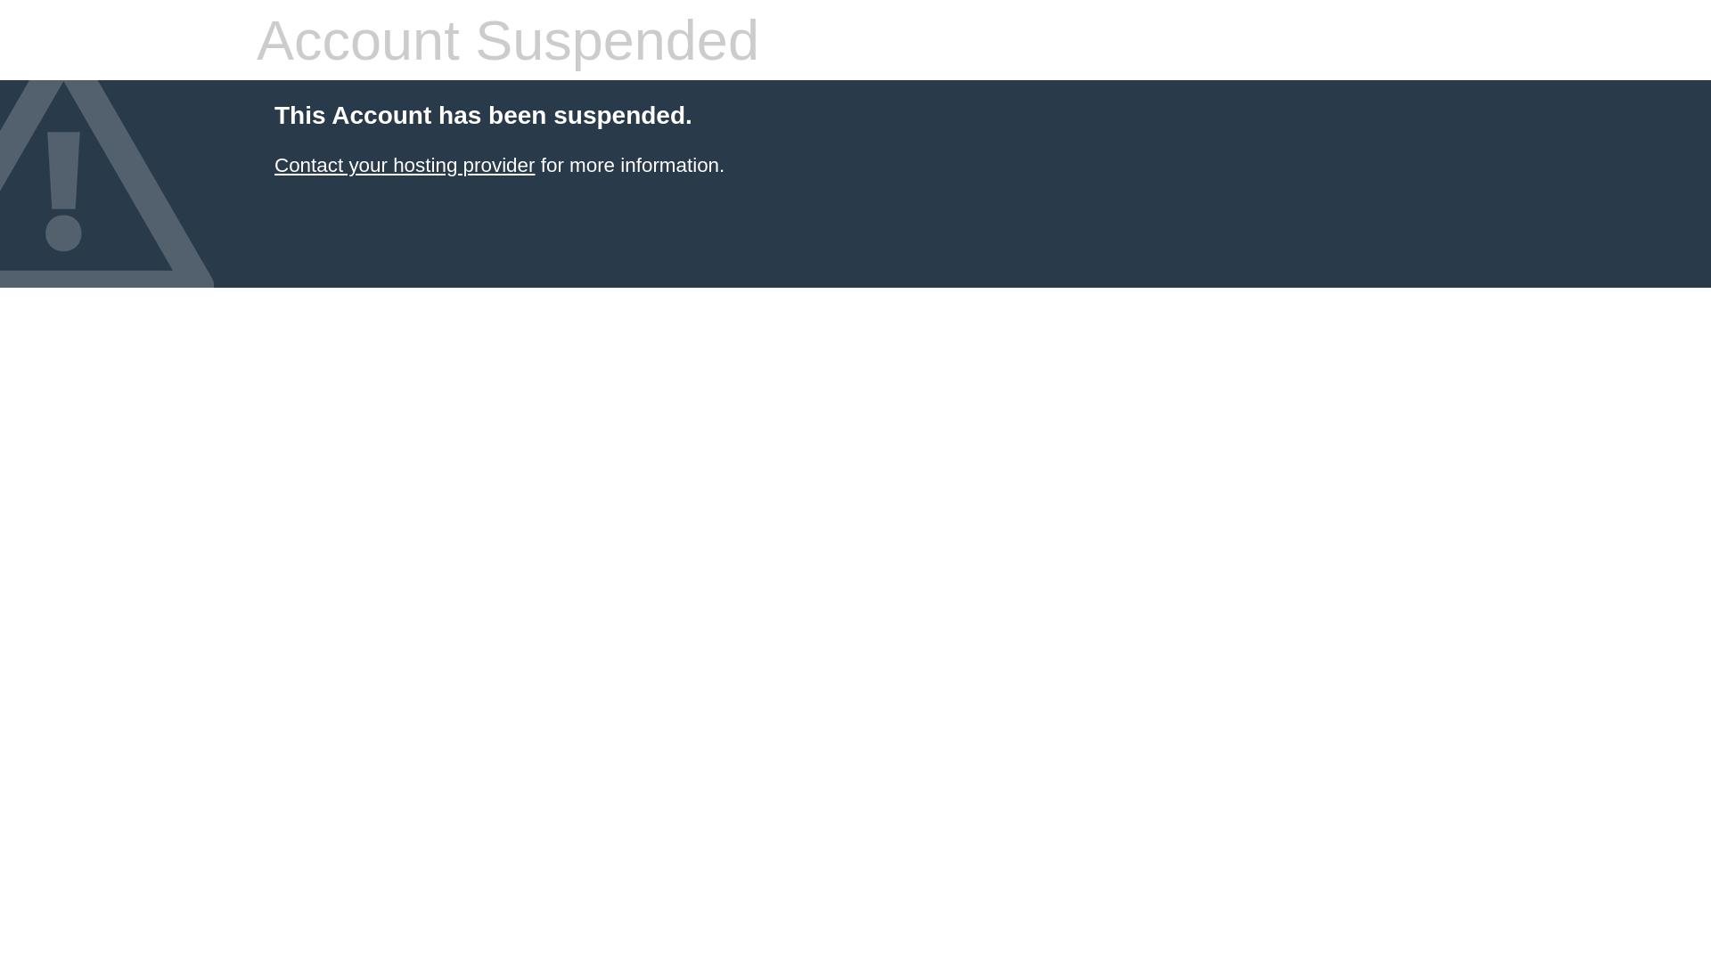 The image size is (1711, 962). Describe the element at coordinates (404, 165) in the screenshot. I see `'Contact your hosting provider'` at that location.